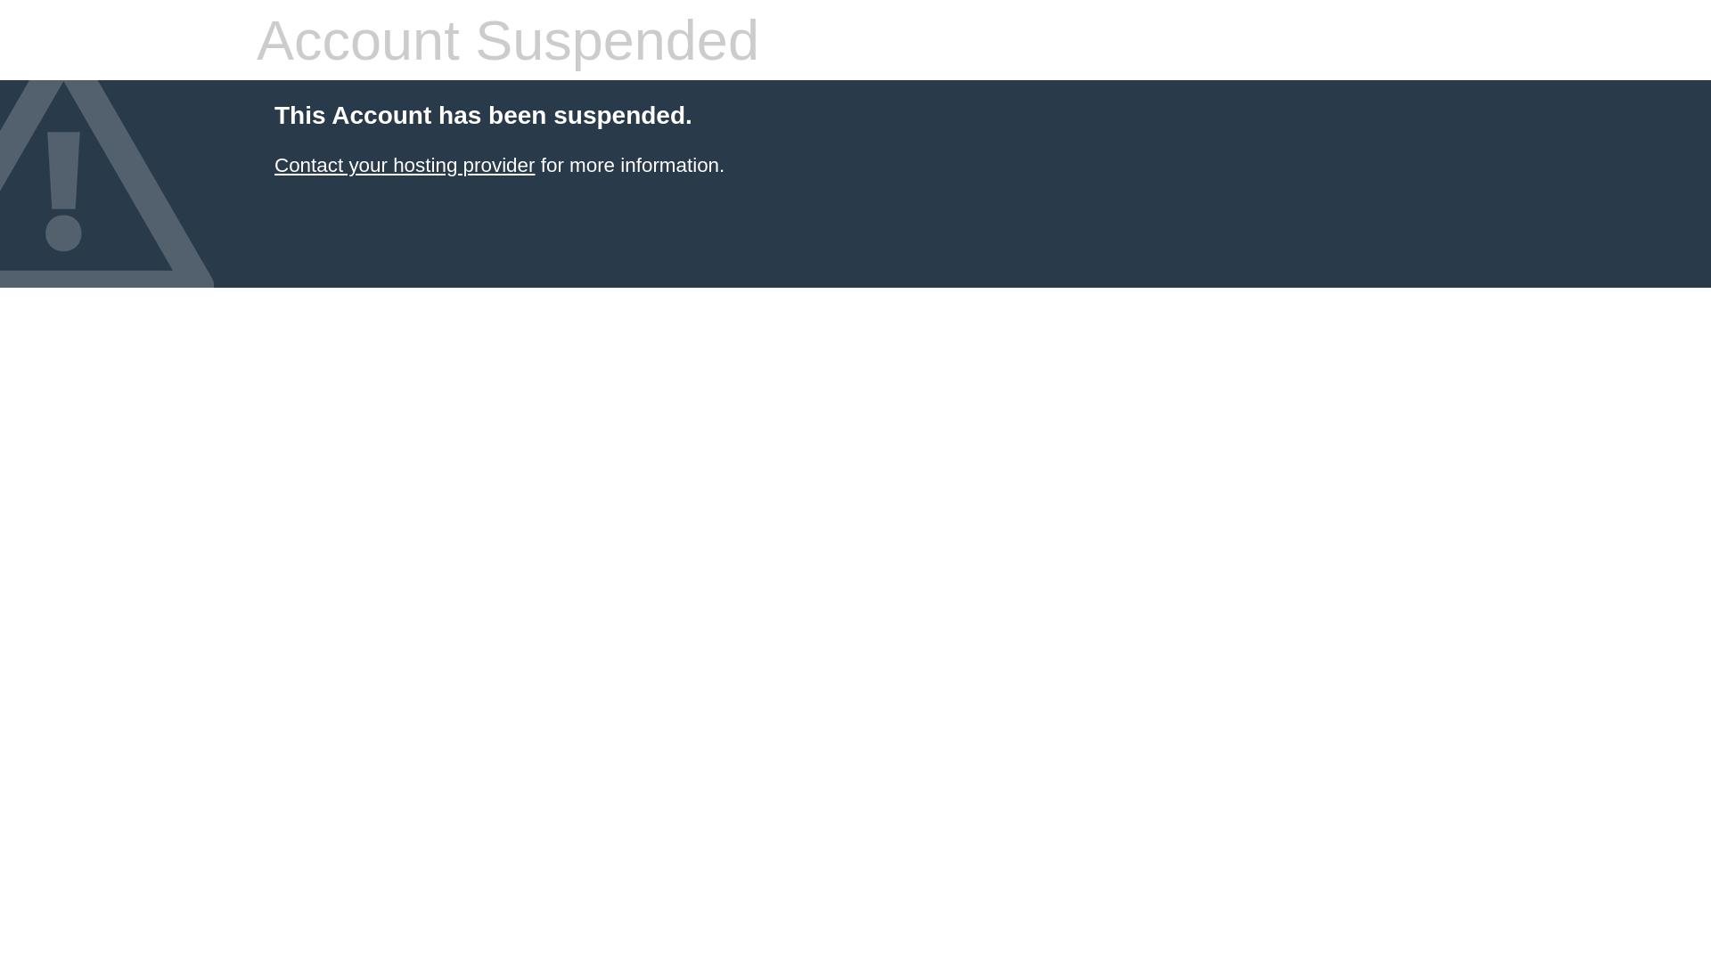 The image size is (1711, 962). Describe the element at coordinates (404, 165) in the screenshot. I see `'Contact your hosting provider'` at that location.